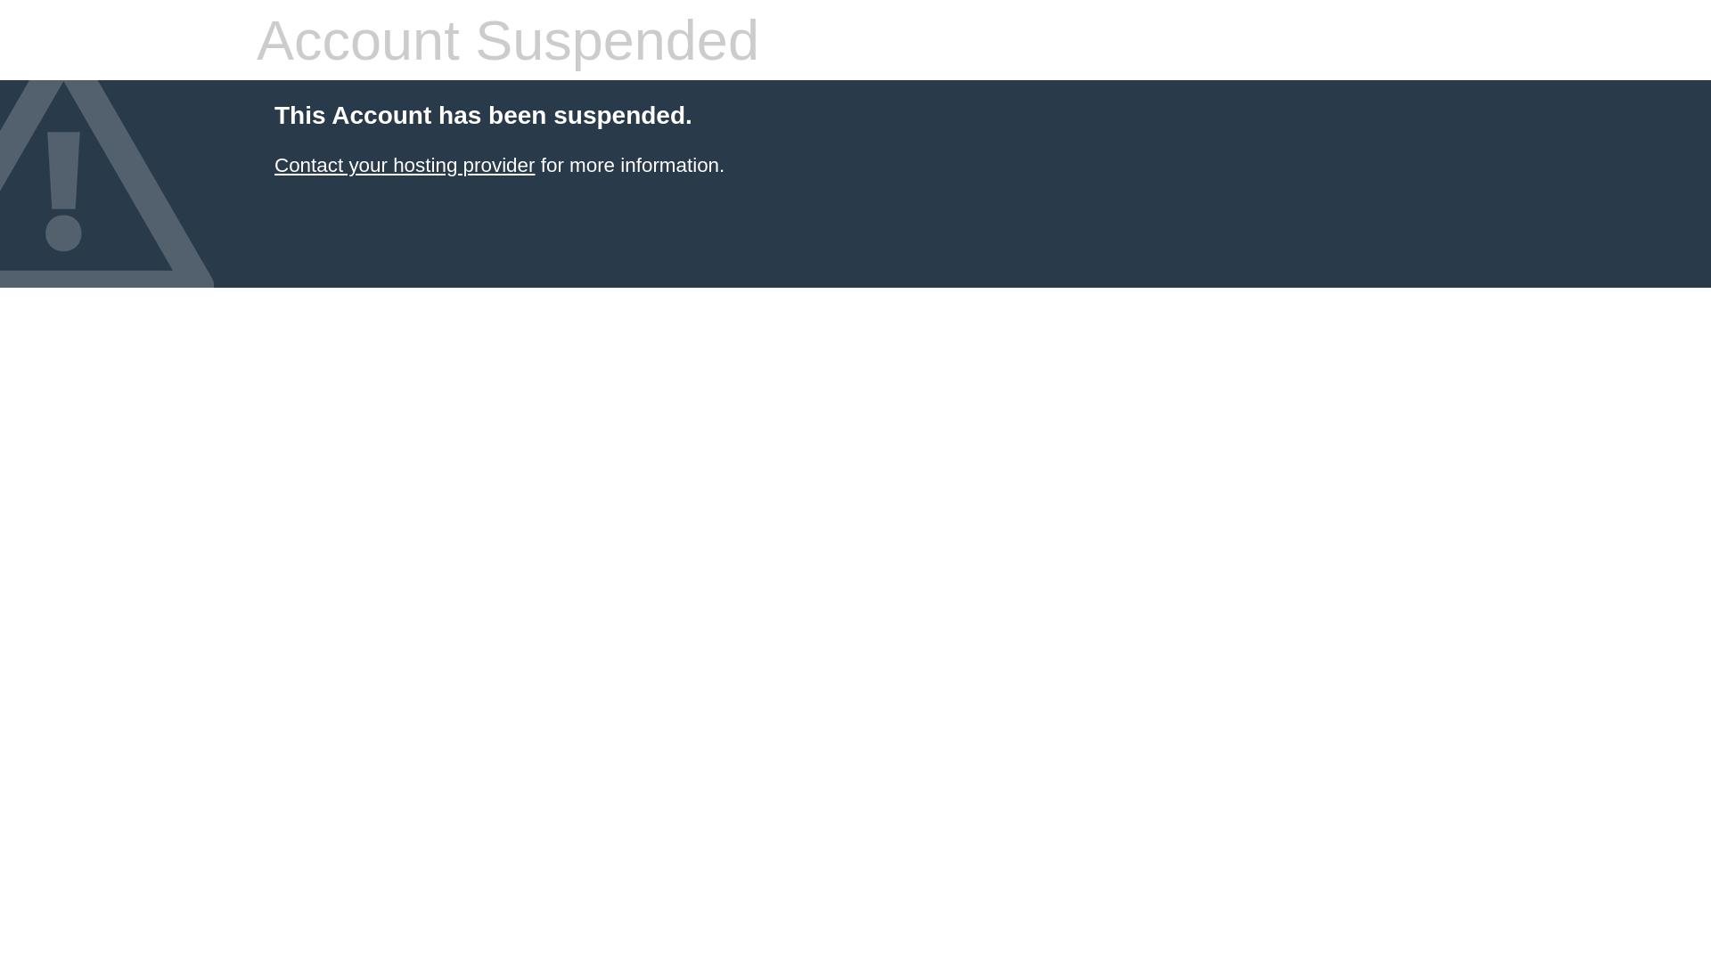 The image size is (1711, 962). Describe the element at coordinates (404, 165) in the screenshot. I see `'Contact your hosting provider'` at that location.